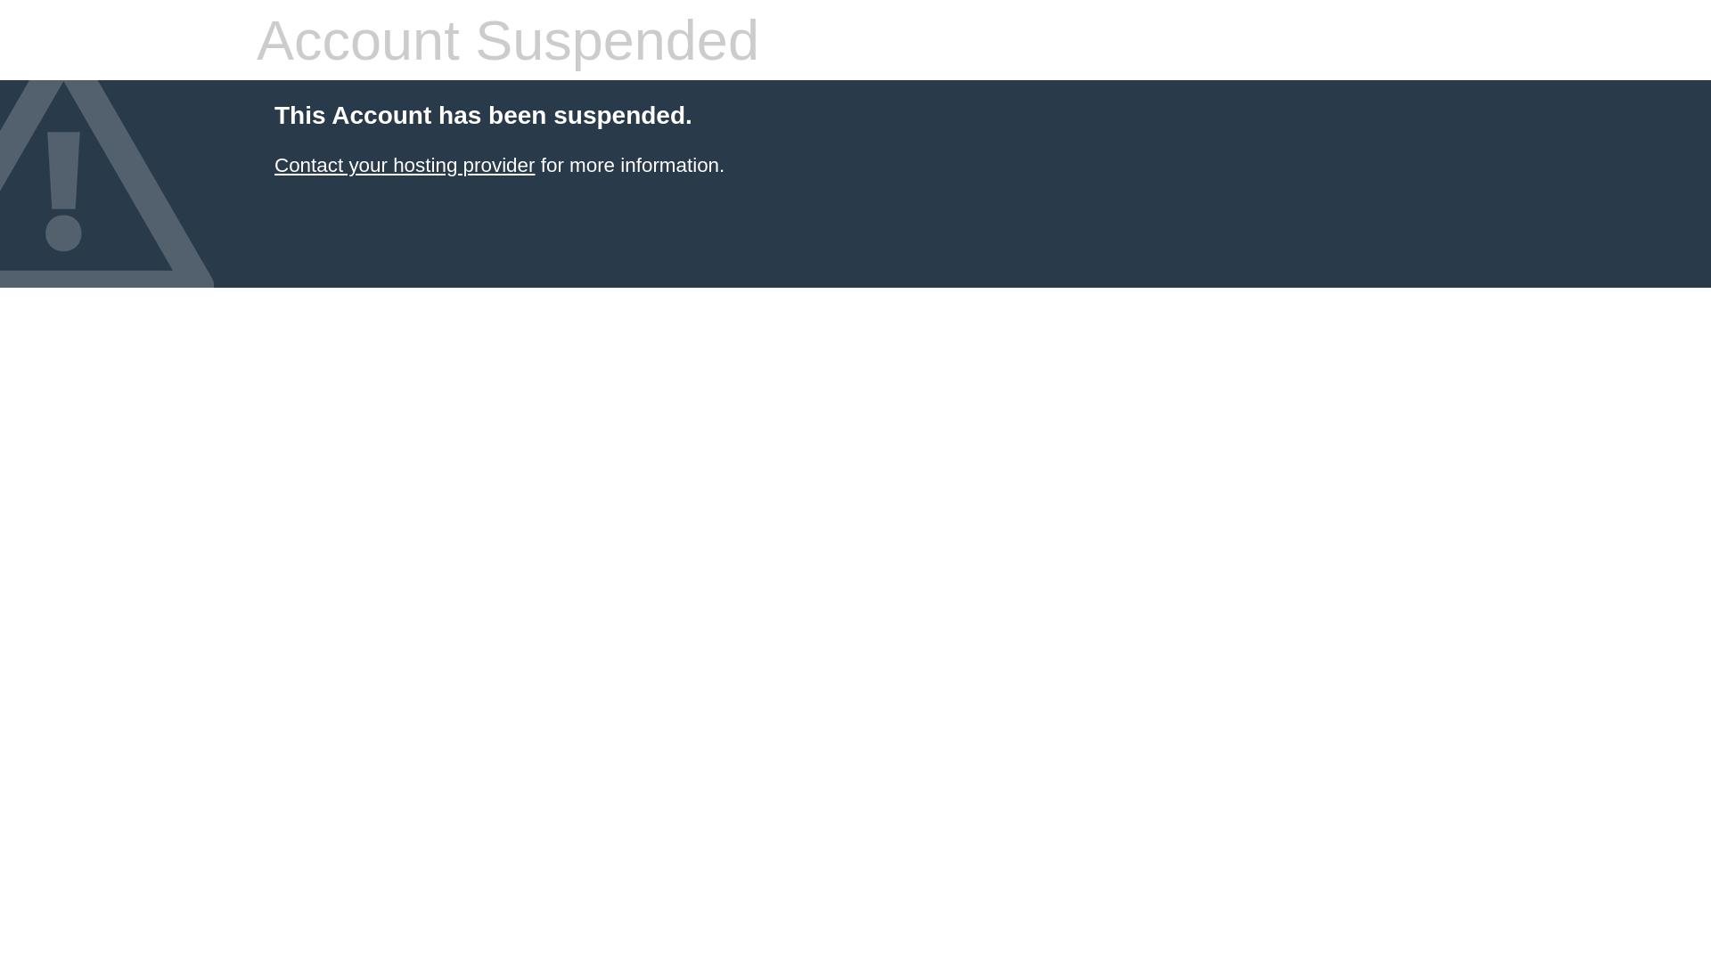 The image size is (1711, 962). Describe the element at coordinates (404, 165) in the screenshot. I see `'Contact your hosting provider'` at that location.